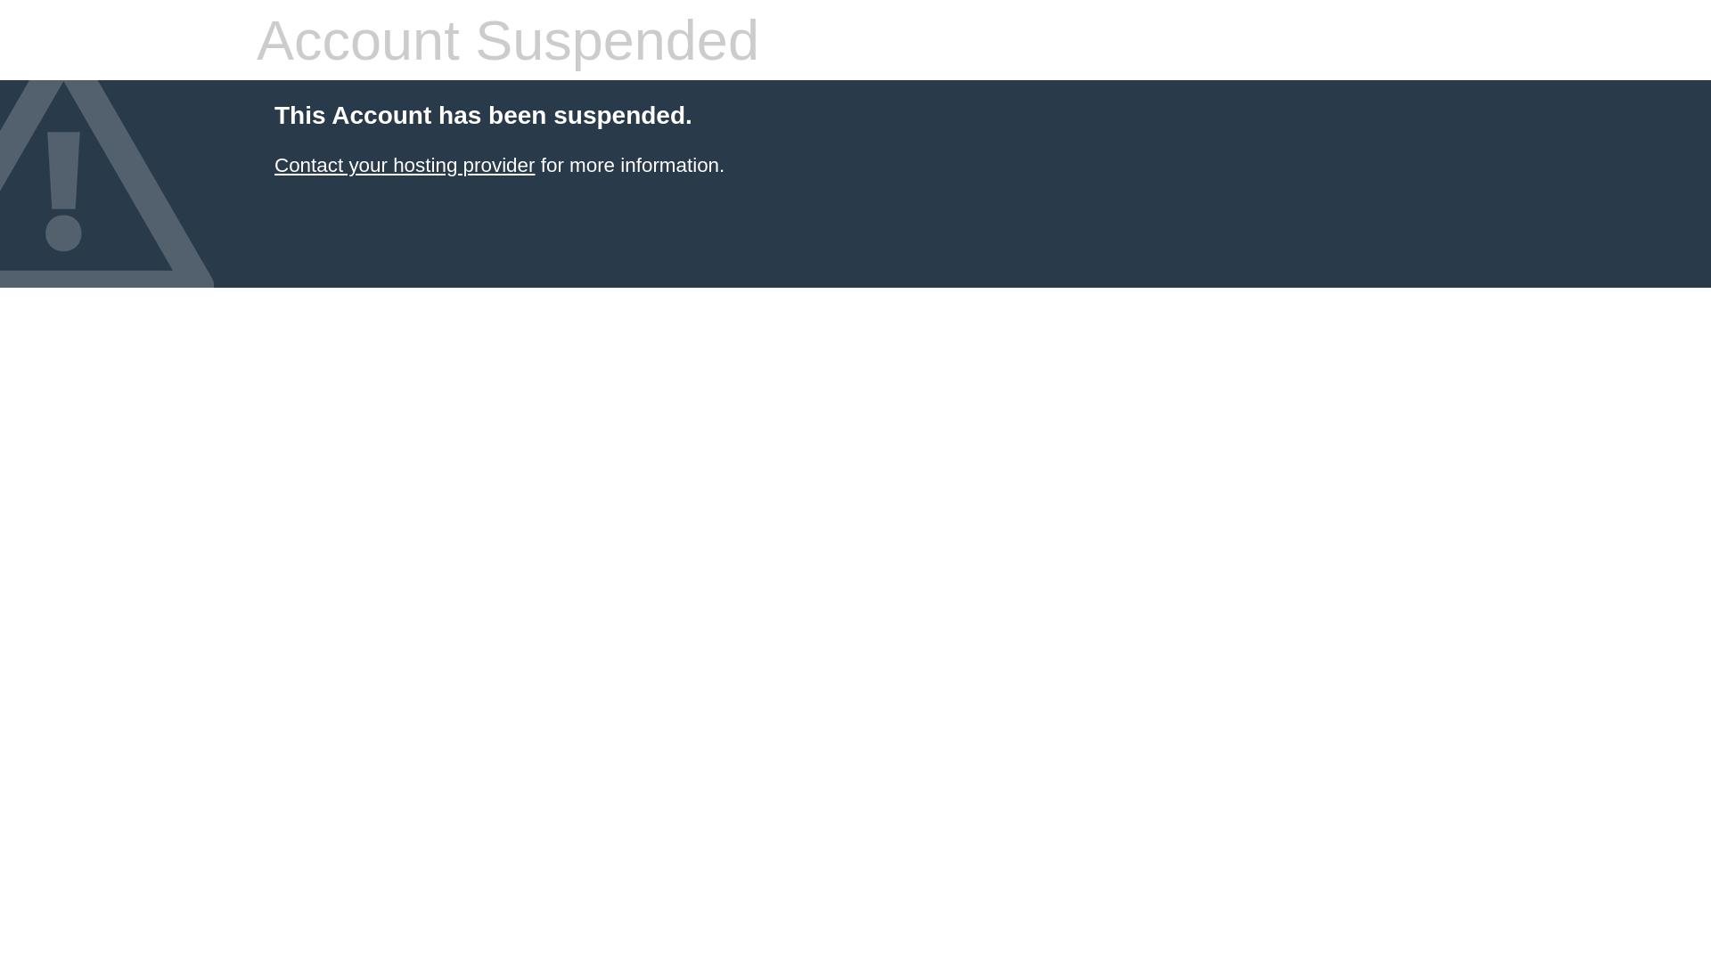 The image size is (1711, 962). Describe the element at coordinates (404, 165) in the screenshot. I see `'Contact your hosting provider'` at that location.